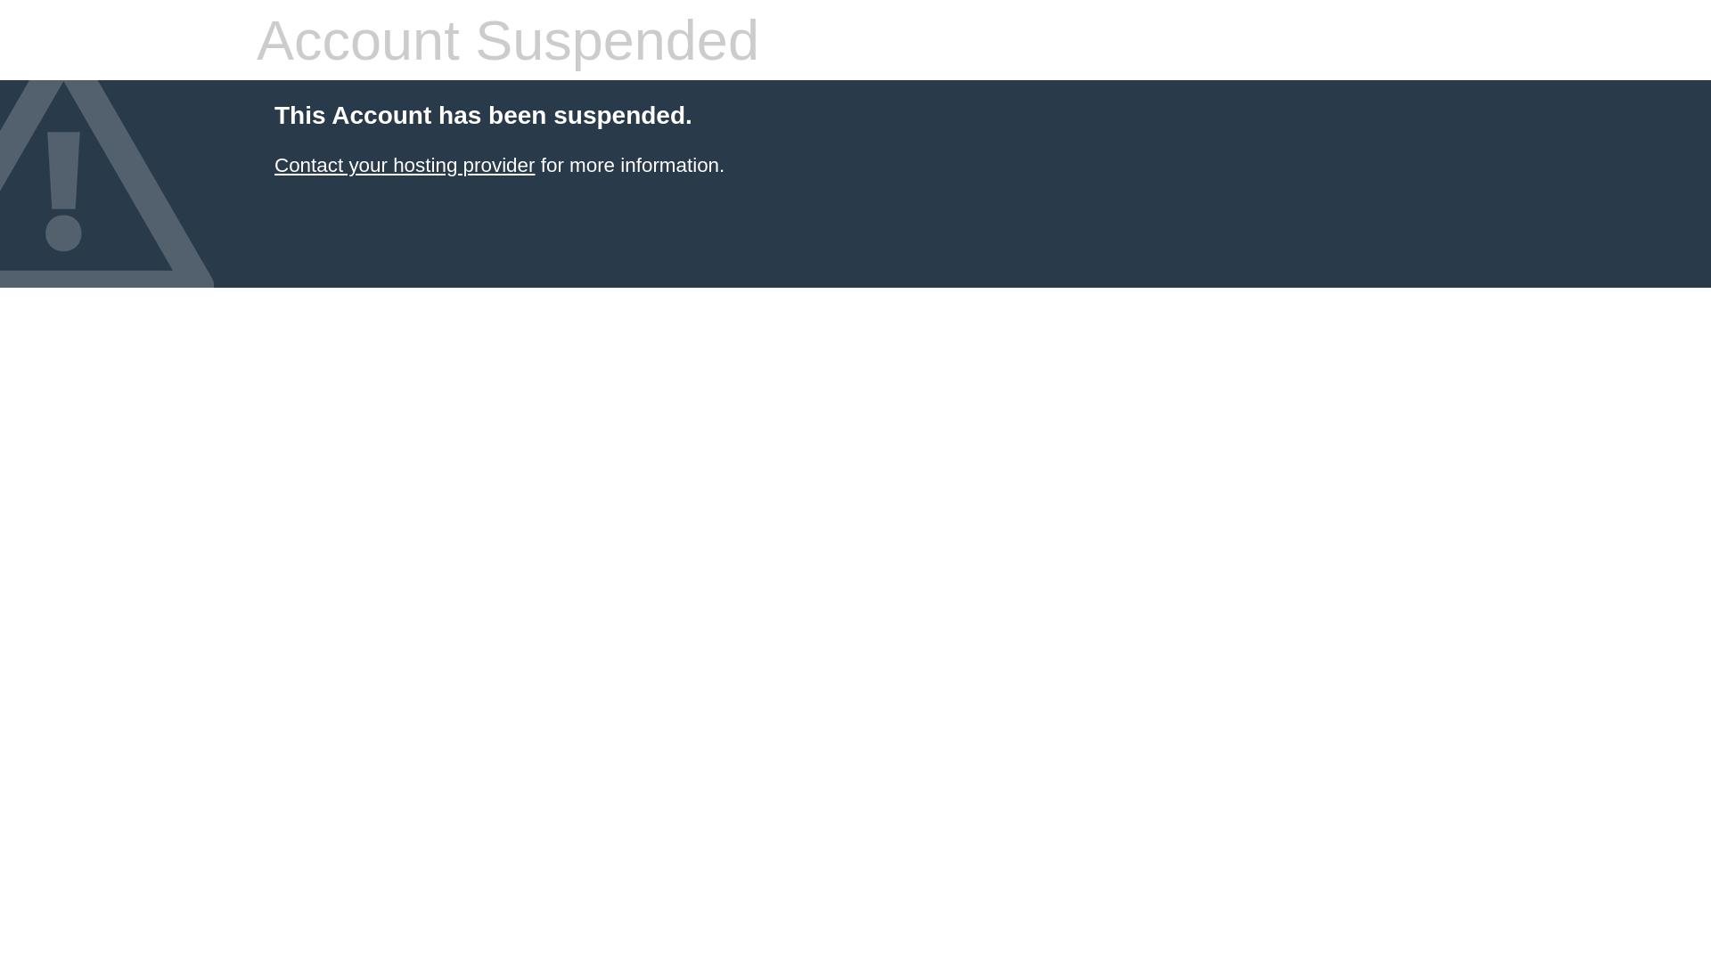 The image size is (1711, 962). Describe the element at coordinates (404, 165) in the screenshot. I see `'Contact your hosting provider'` at that location.